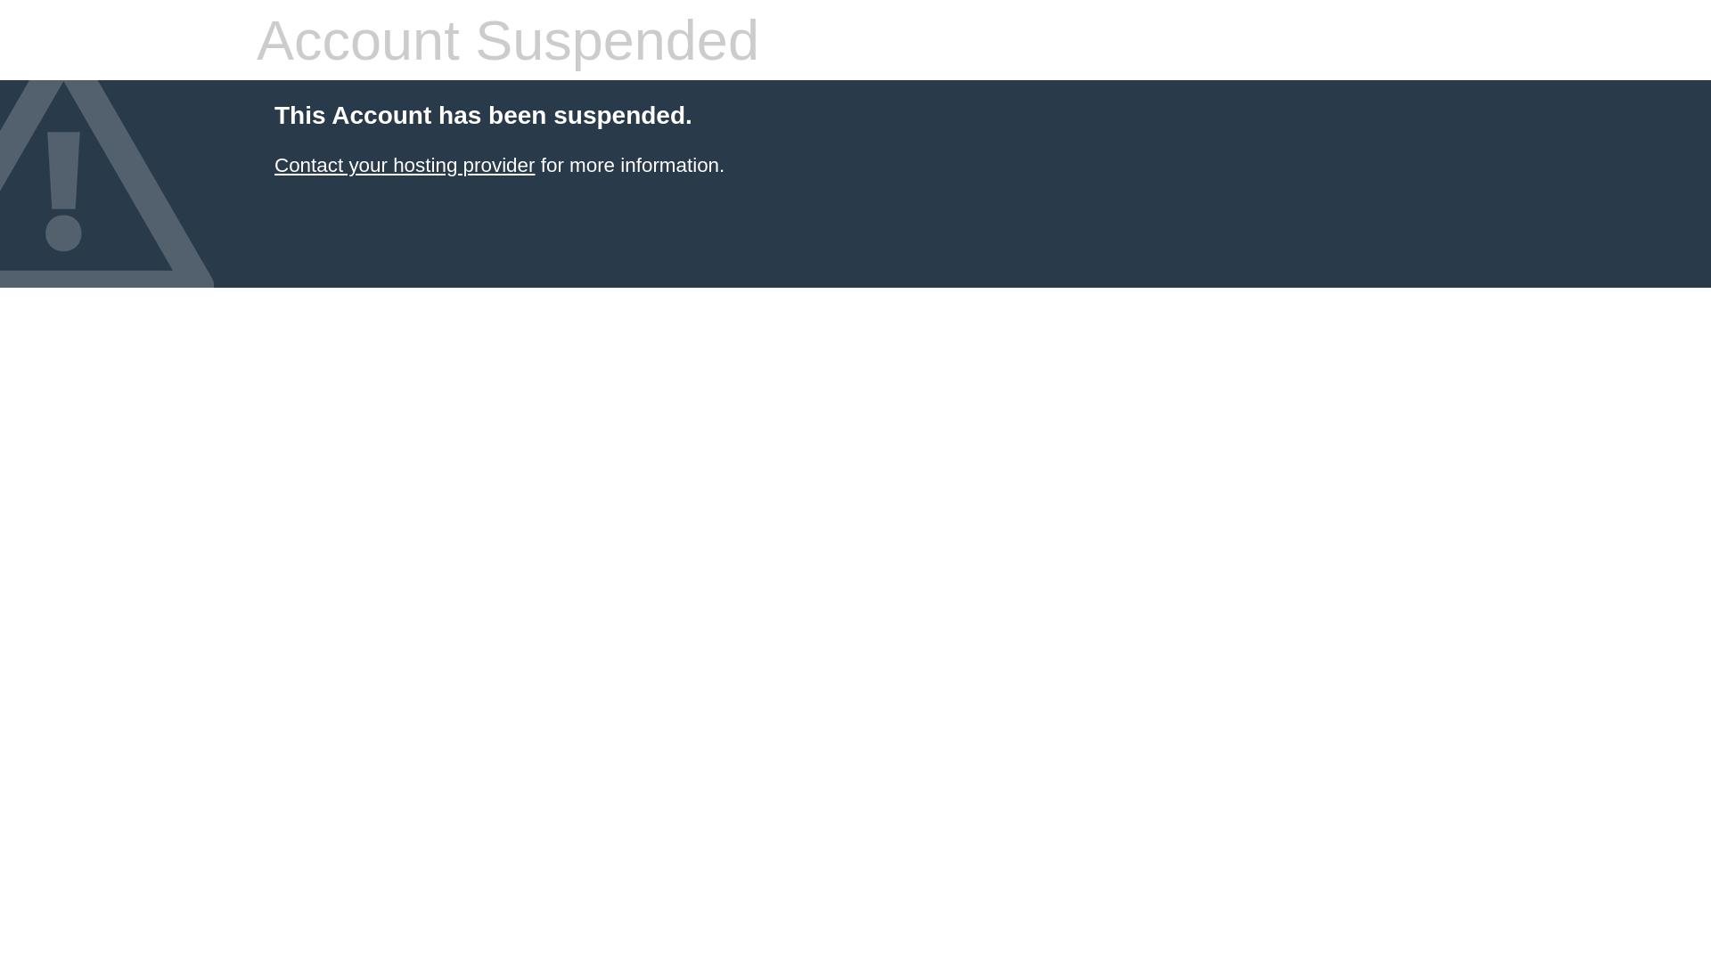 The image size is (1711, 962). Describe the element at coordinates (404, 165) in the screenshot. I see `'Contact your hosting provider'` at that location.